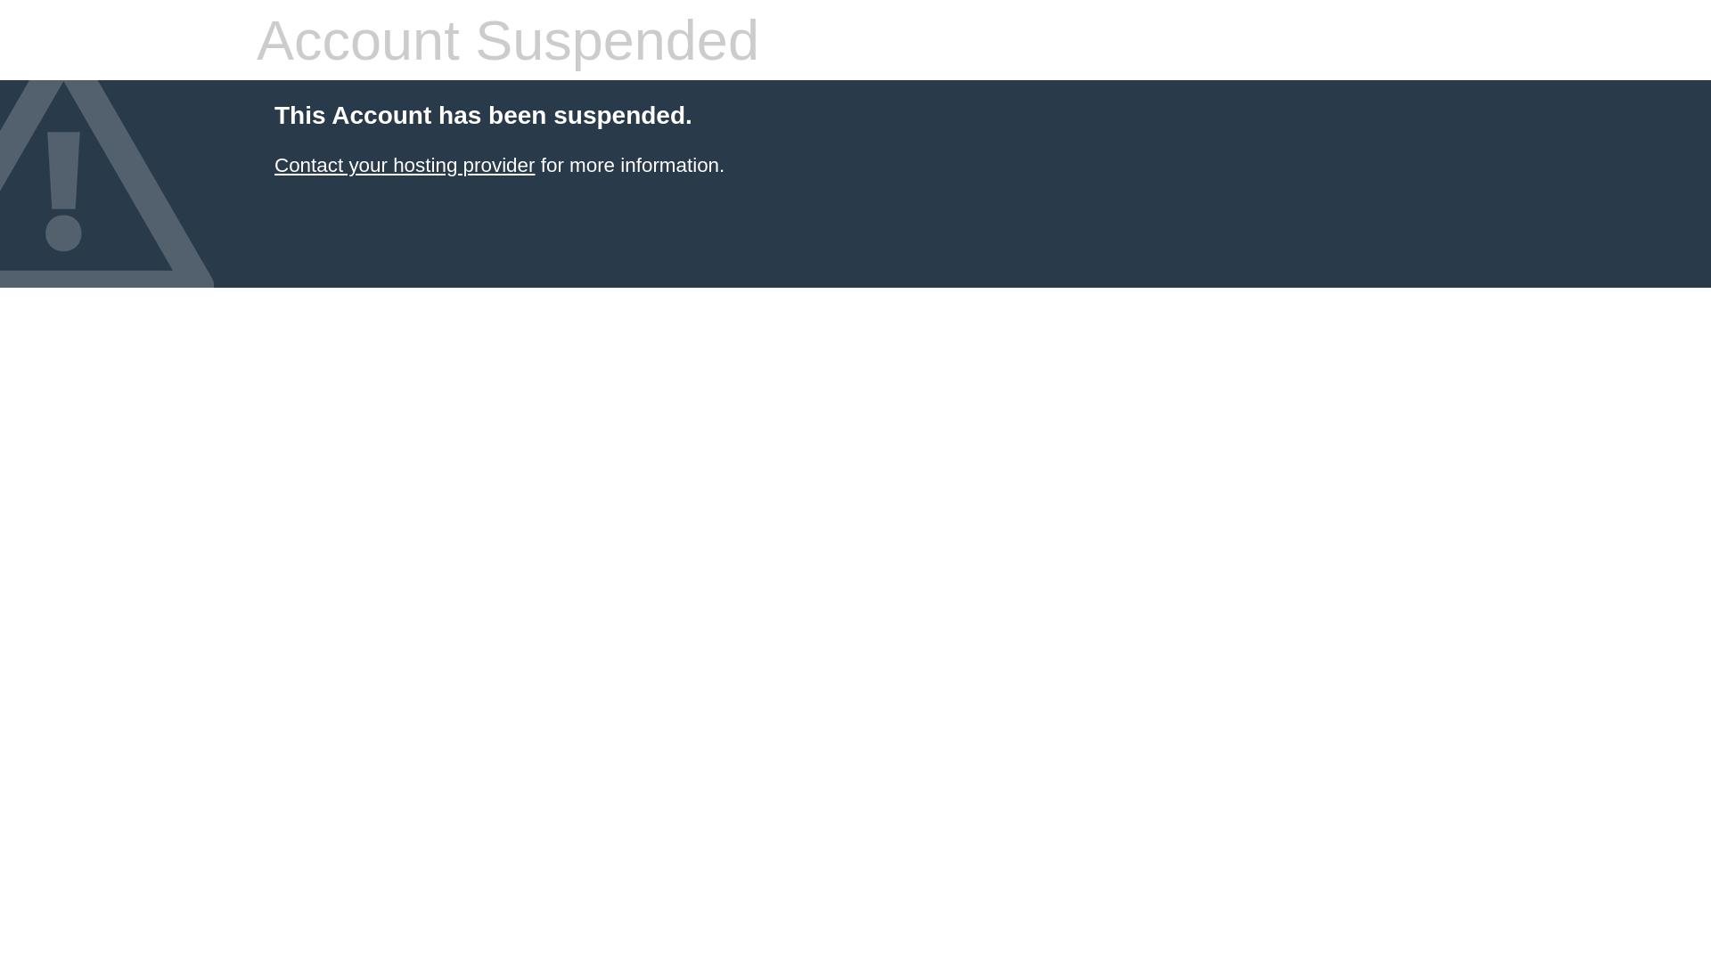 The image size is (1711, 962). Describe the element at coordinates (404, 165) in the screenshot. I see `'Contact your hosting provider'` at that location.